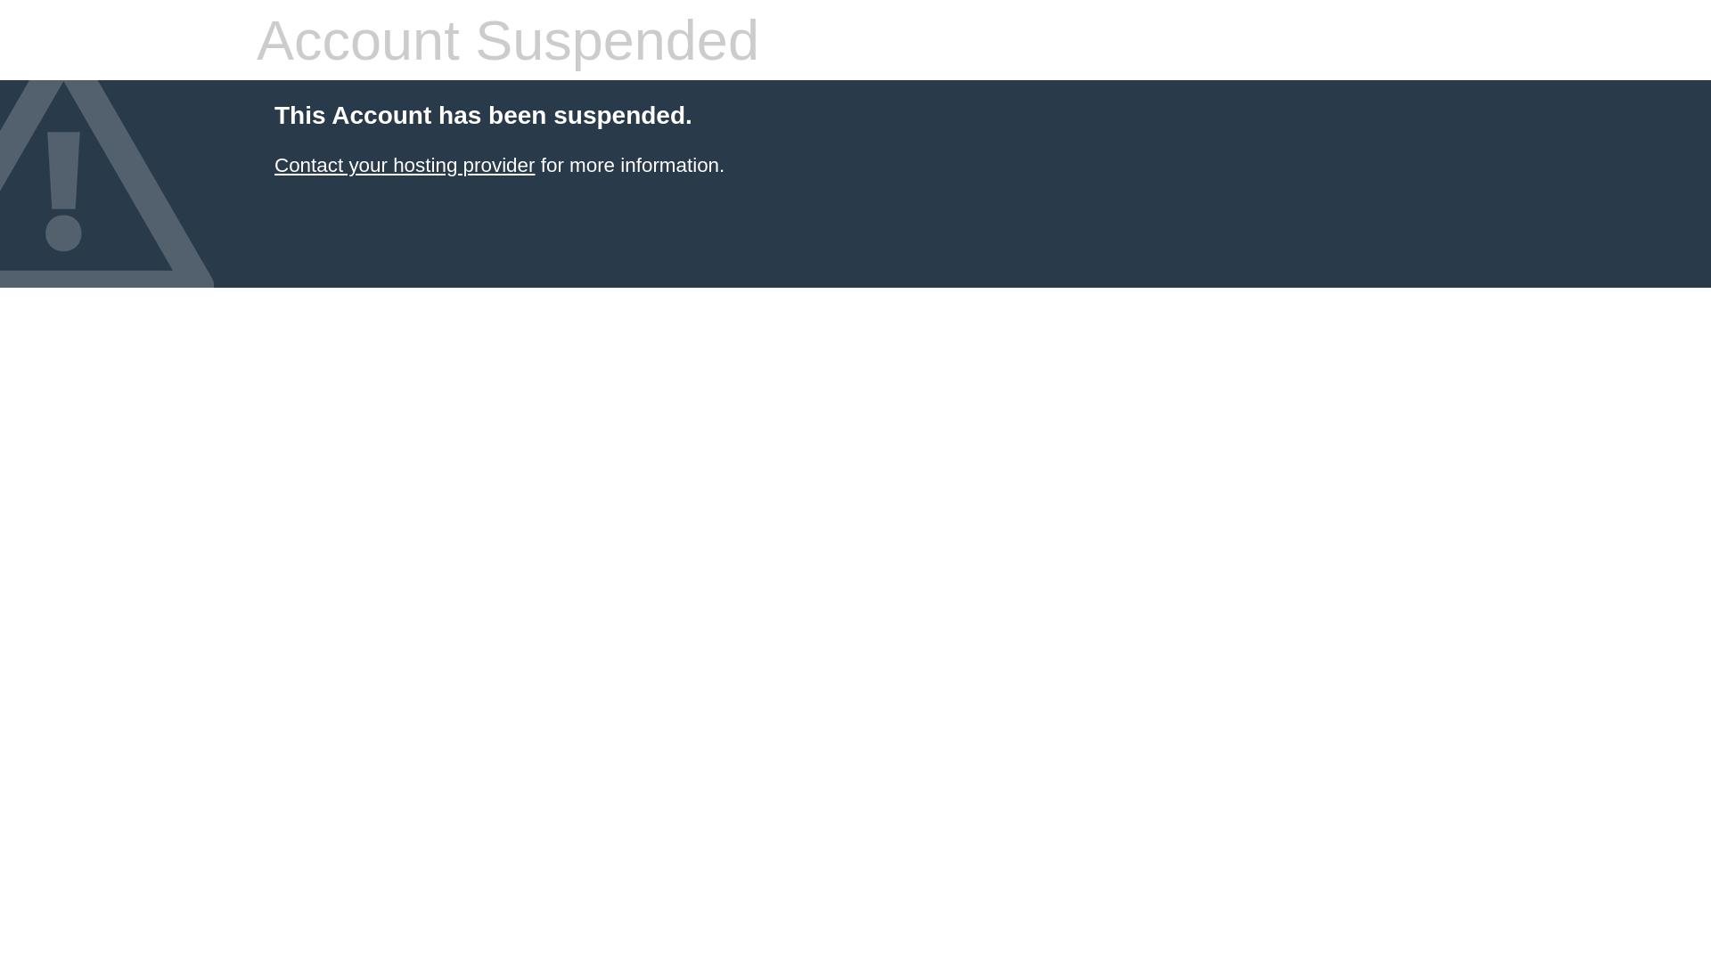 The image size is (1711, 962). Describe the element at coordinates (404, 165) in the screenshot. I see `'Contact your hosting provider'` at that location.